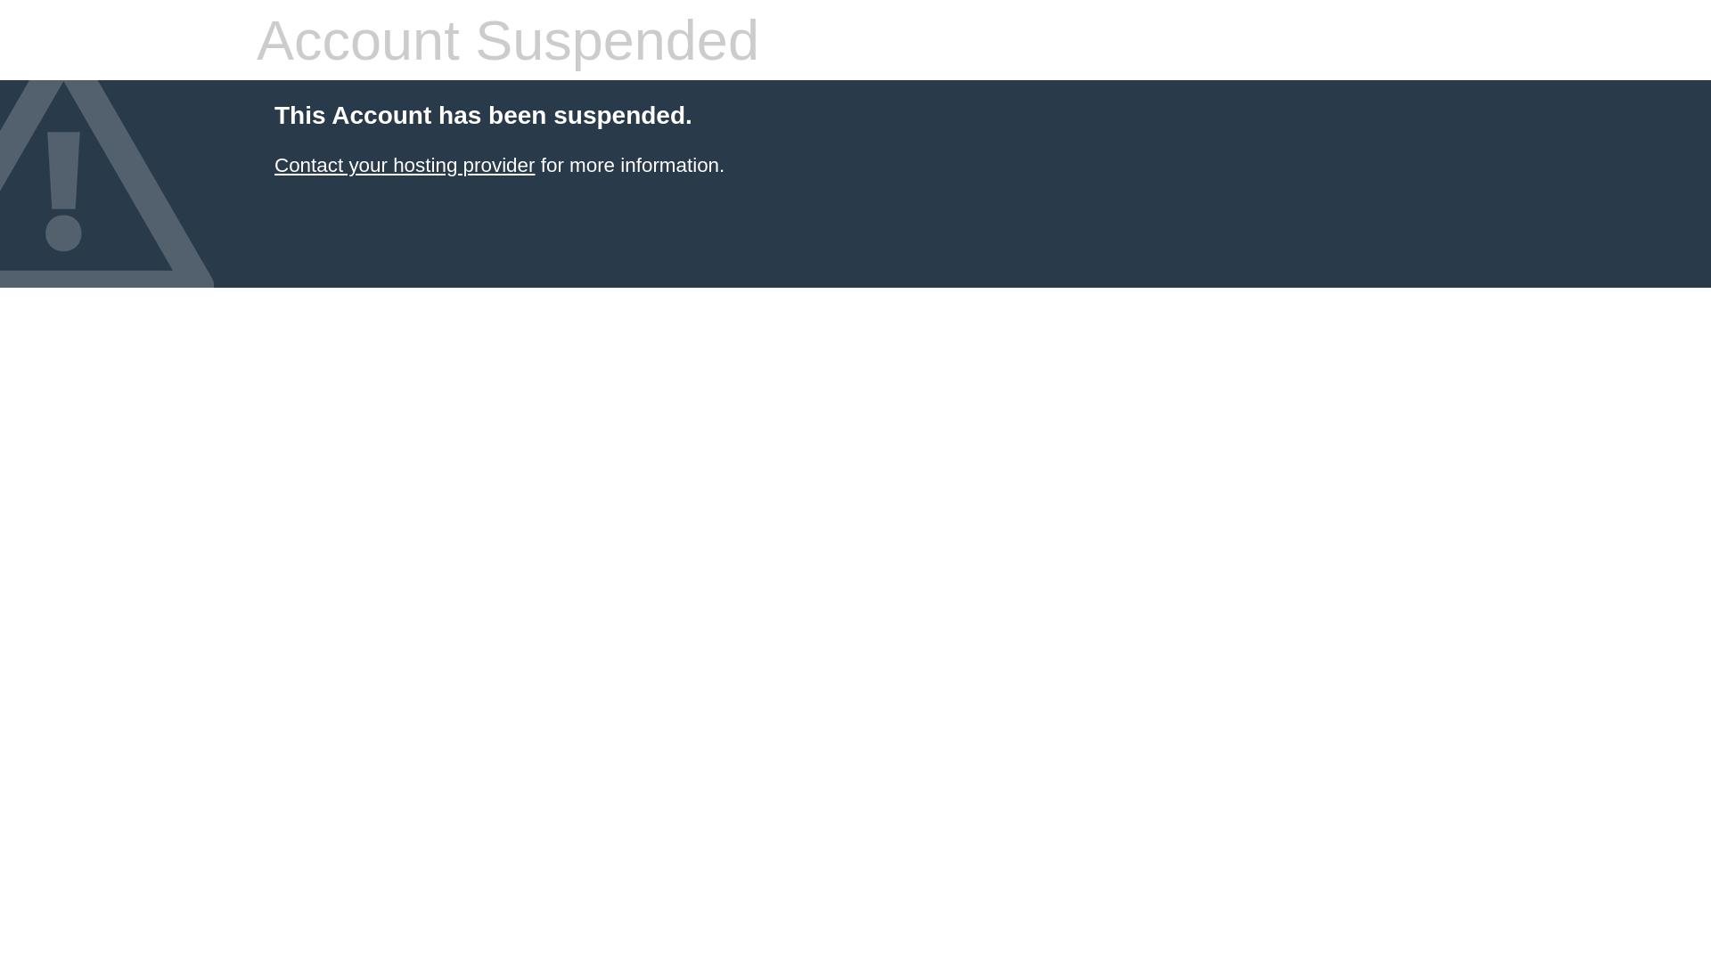 The image size is (1711, 962). Describe the element at coordinates (404, 165) in the screenshot. I see `'Contact your hosting provider'` at that location.